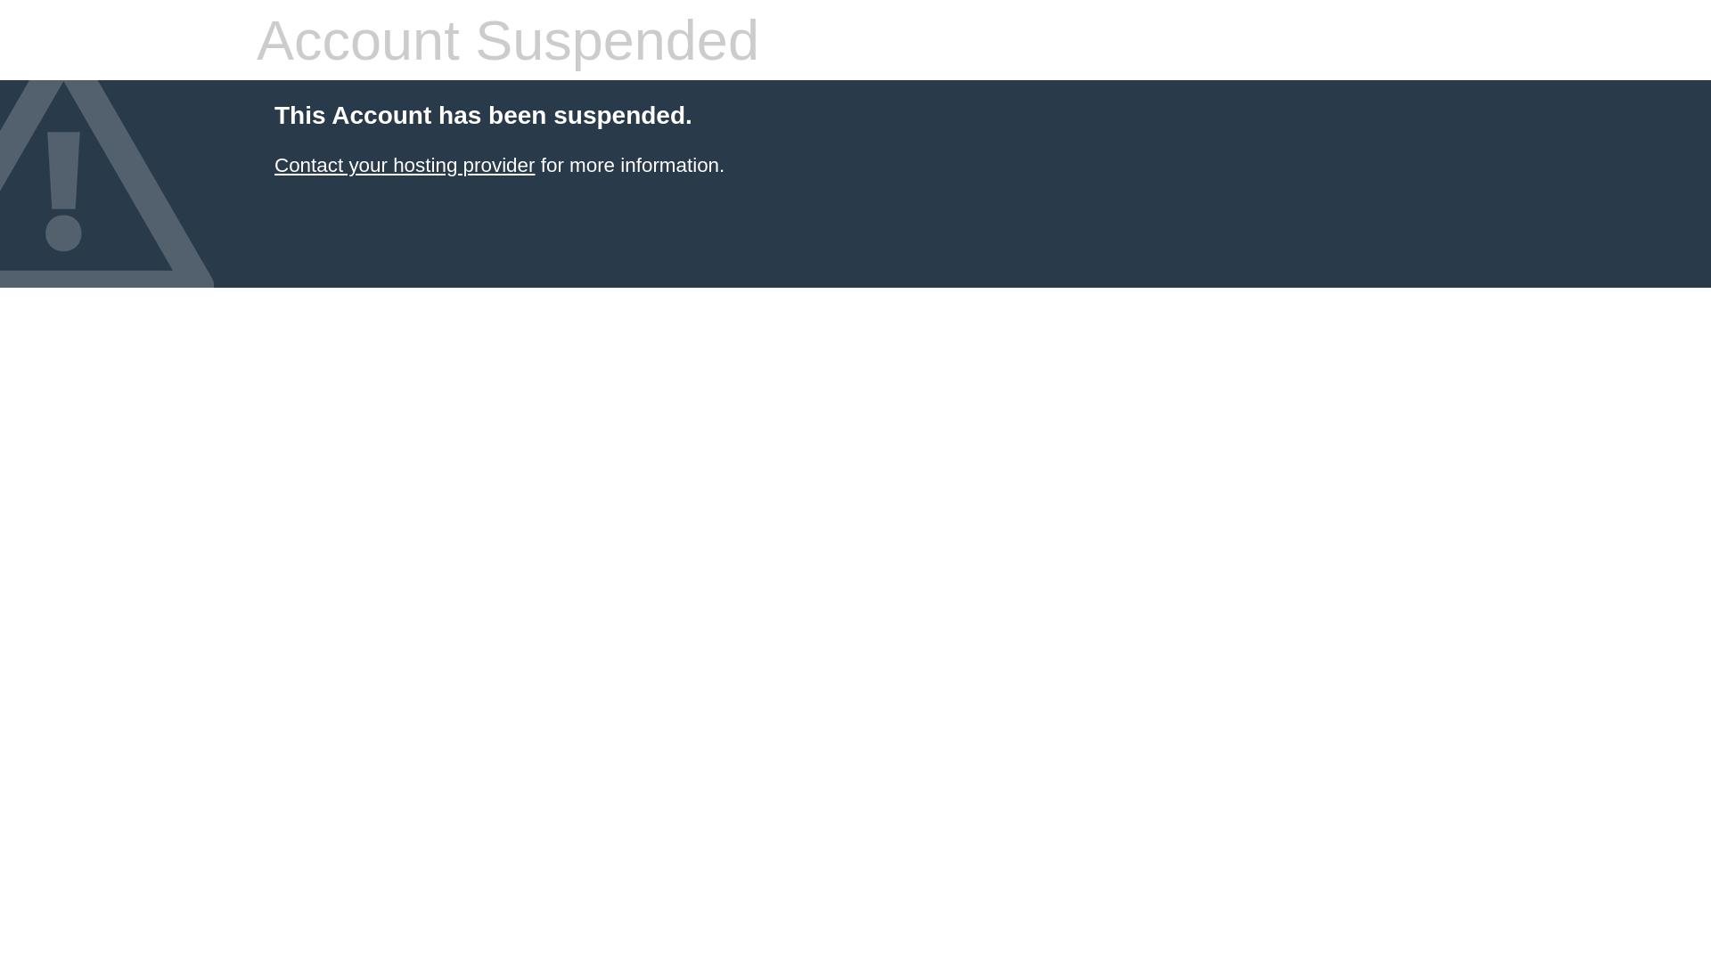 The image size is (1711, 962). Describe the element at coordinates (404, 165) in the screenshot. I see `'Contact your hosting provider'` at that location.